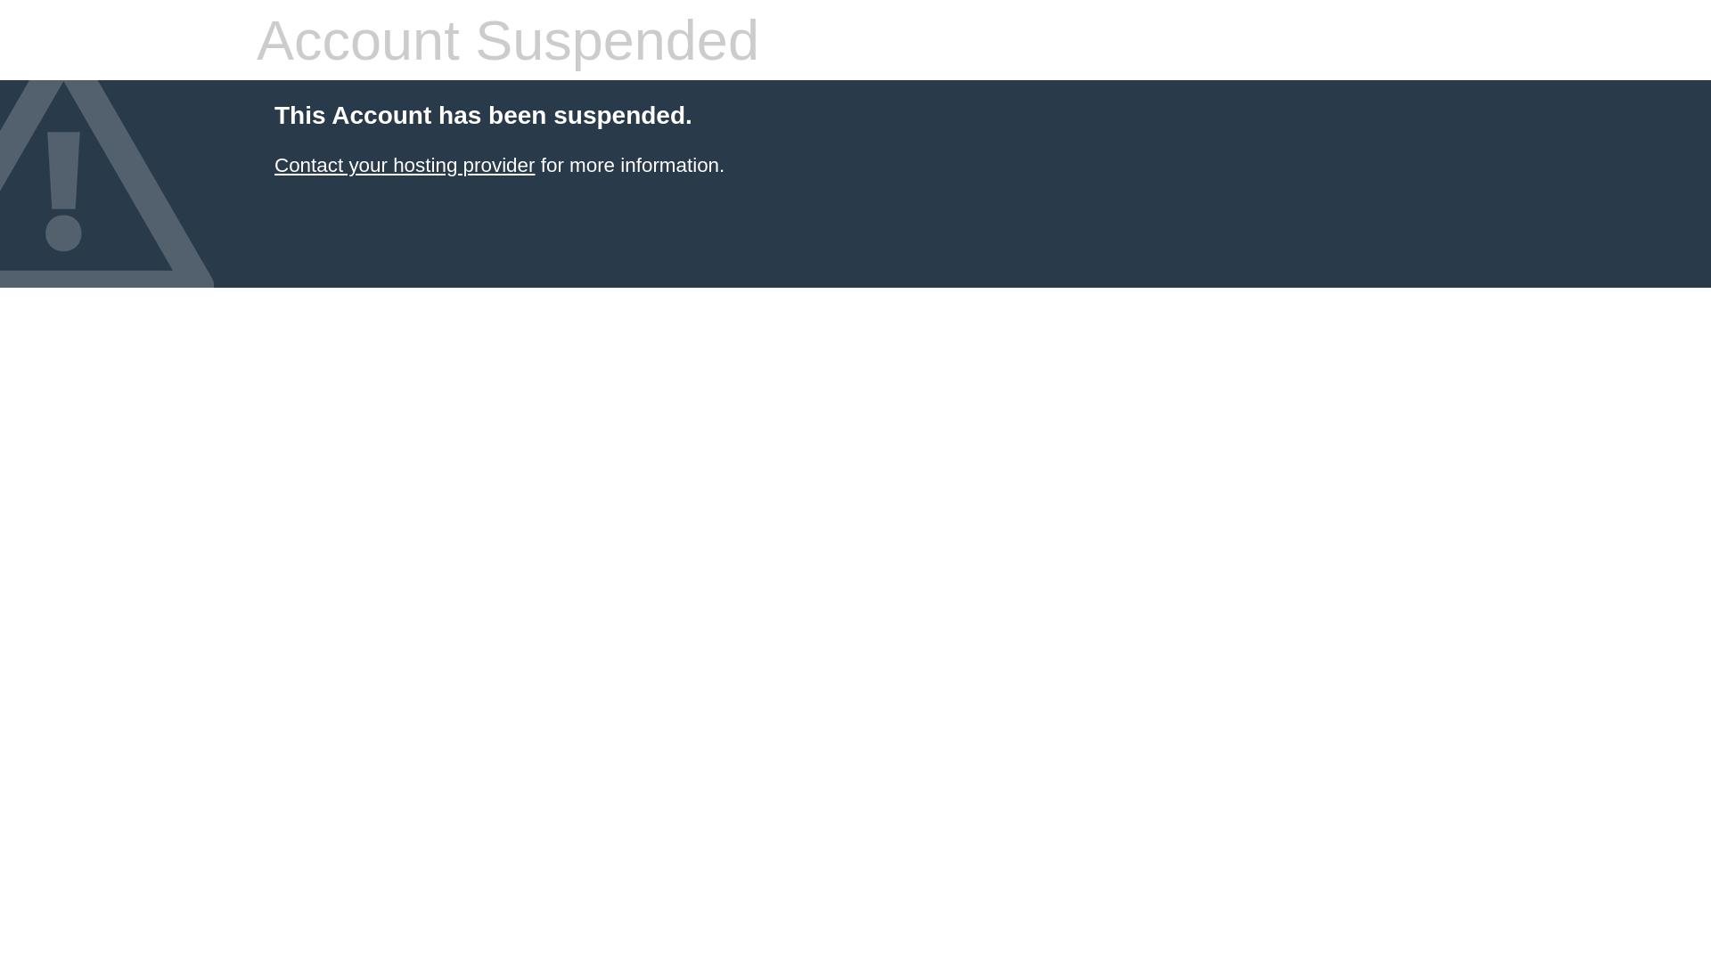 The image size is (1711, 962). Describe the element at coordinates (404, 165) in the screenshot. I see `'Contact your hosting provider'` at that location.